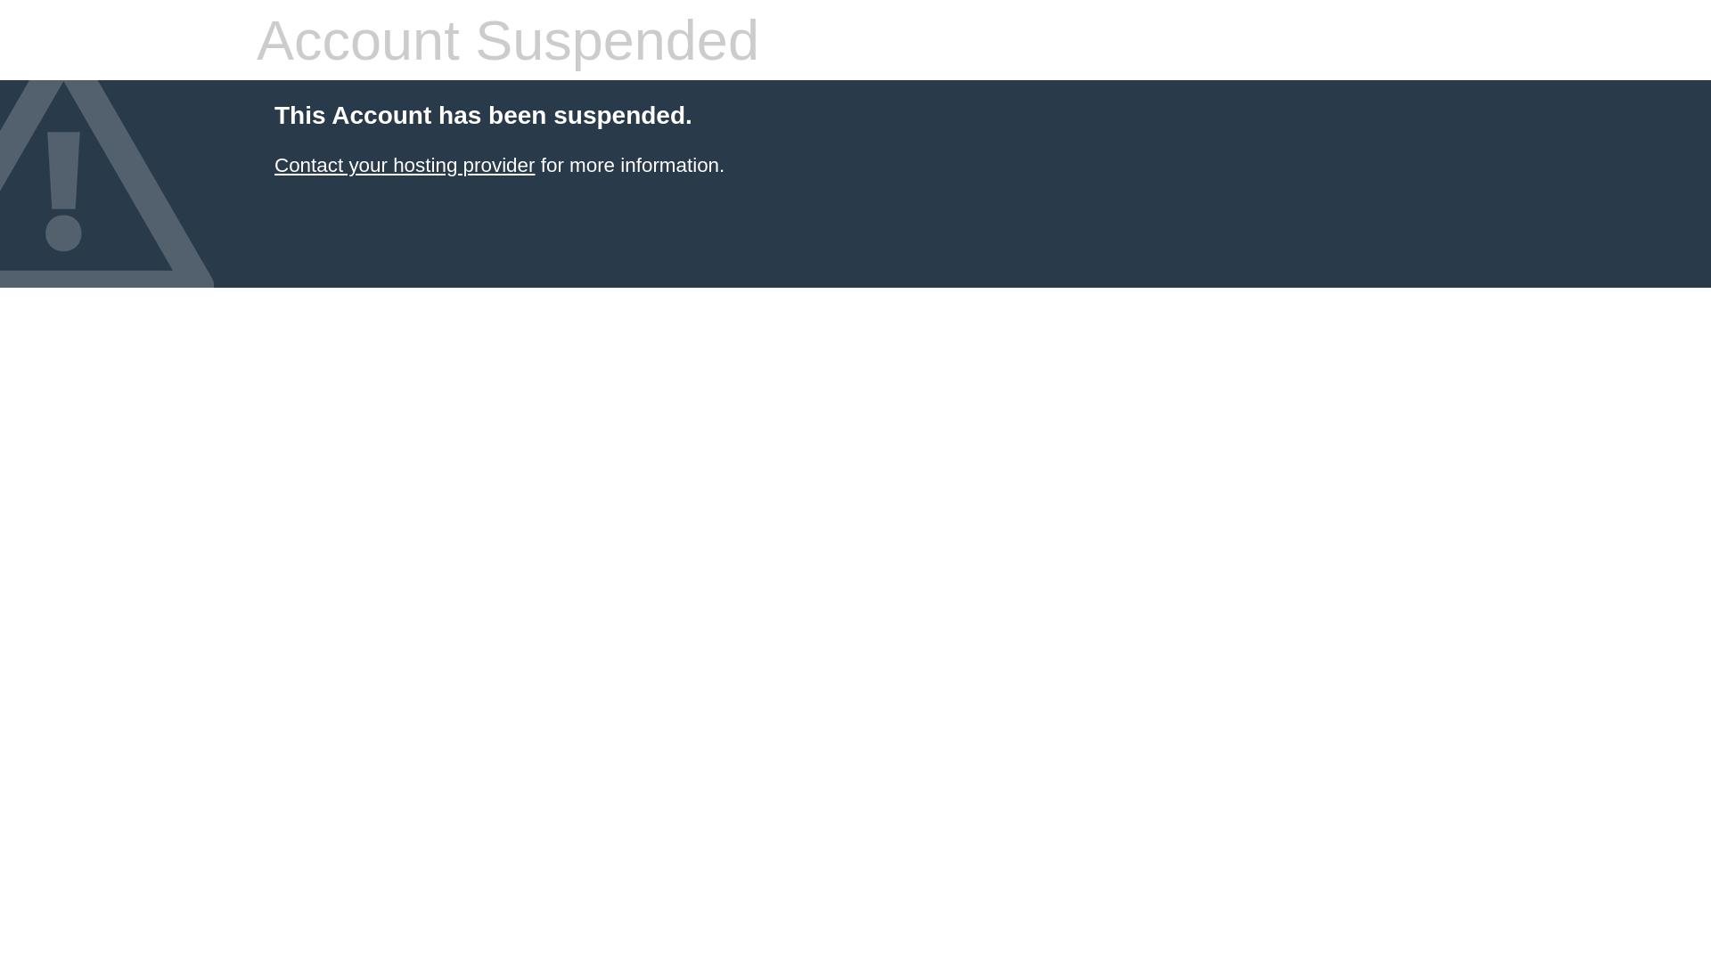 The image size is (1711, 962). Describe the element at coordinates (404, 165) in the screenshot. I see `'Contact your hosting provider'` at that location.